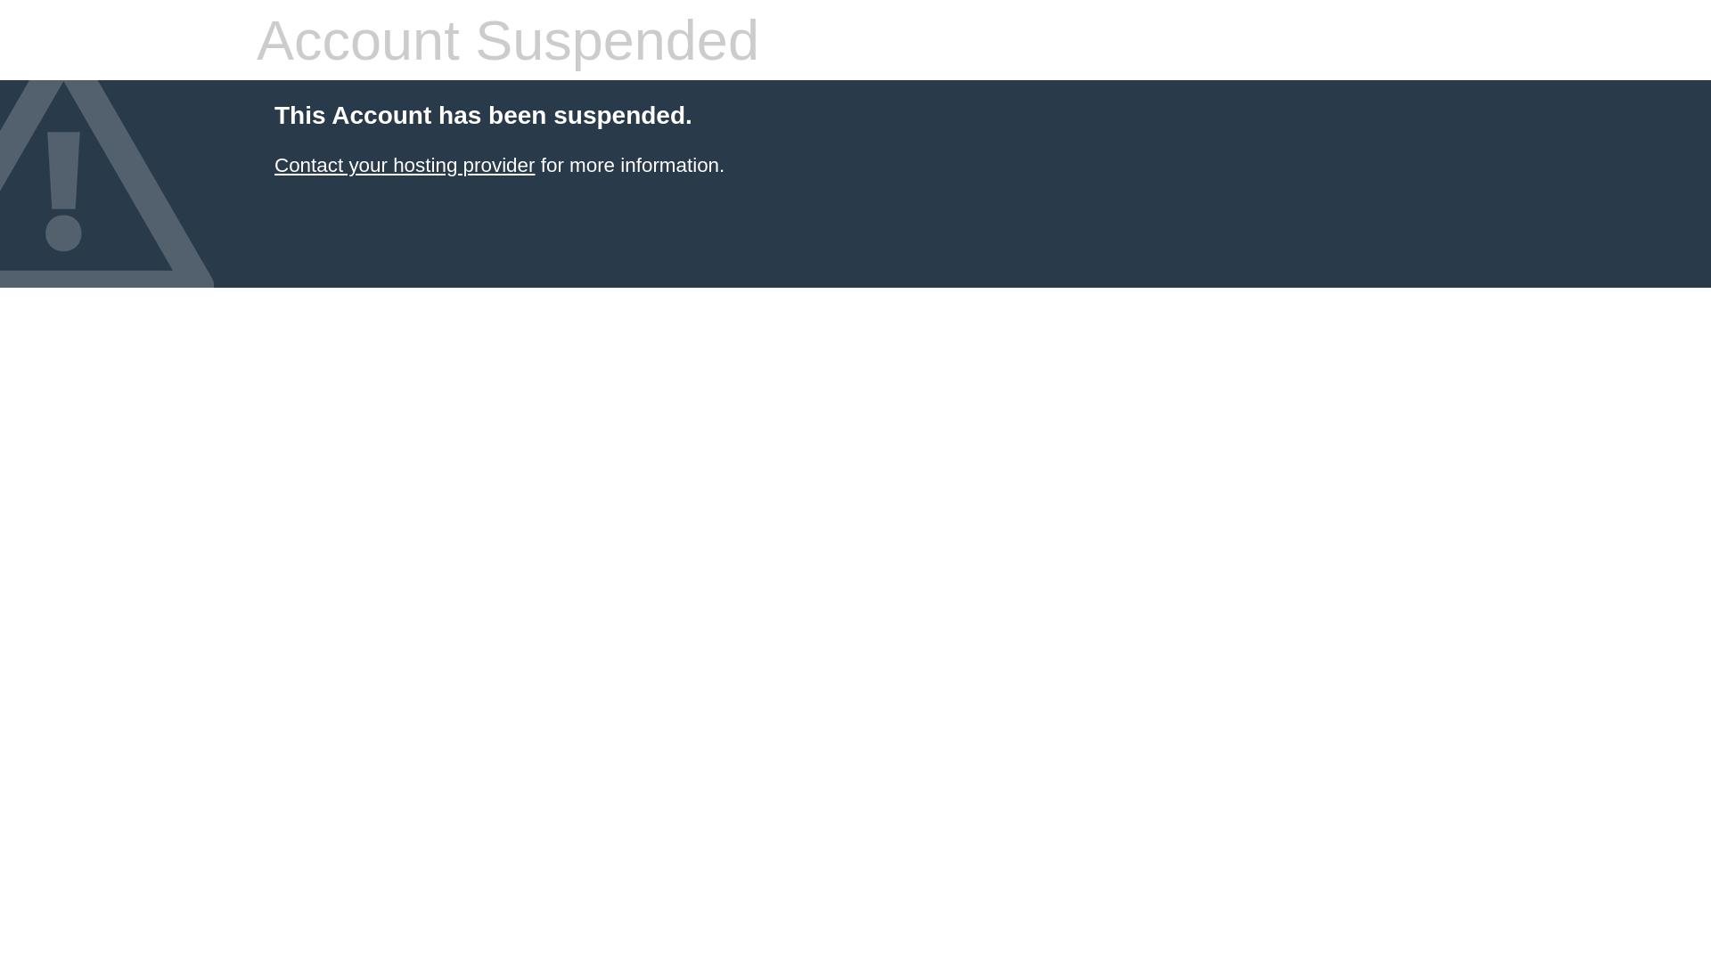 The image size is (1711, 962). Describe the element at coordinates (404, 165) in the screenshot. I see `'Contact your hosting provider'` at that location.